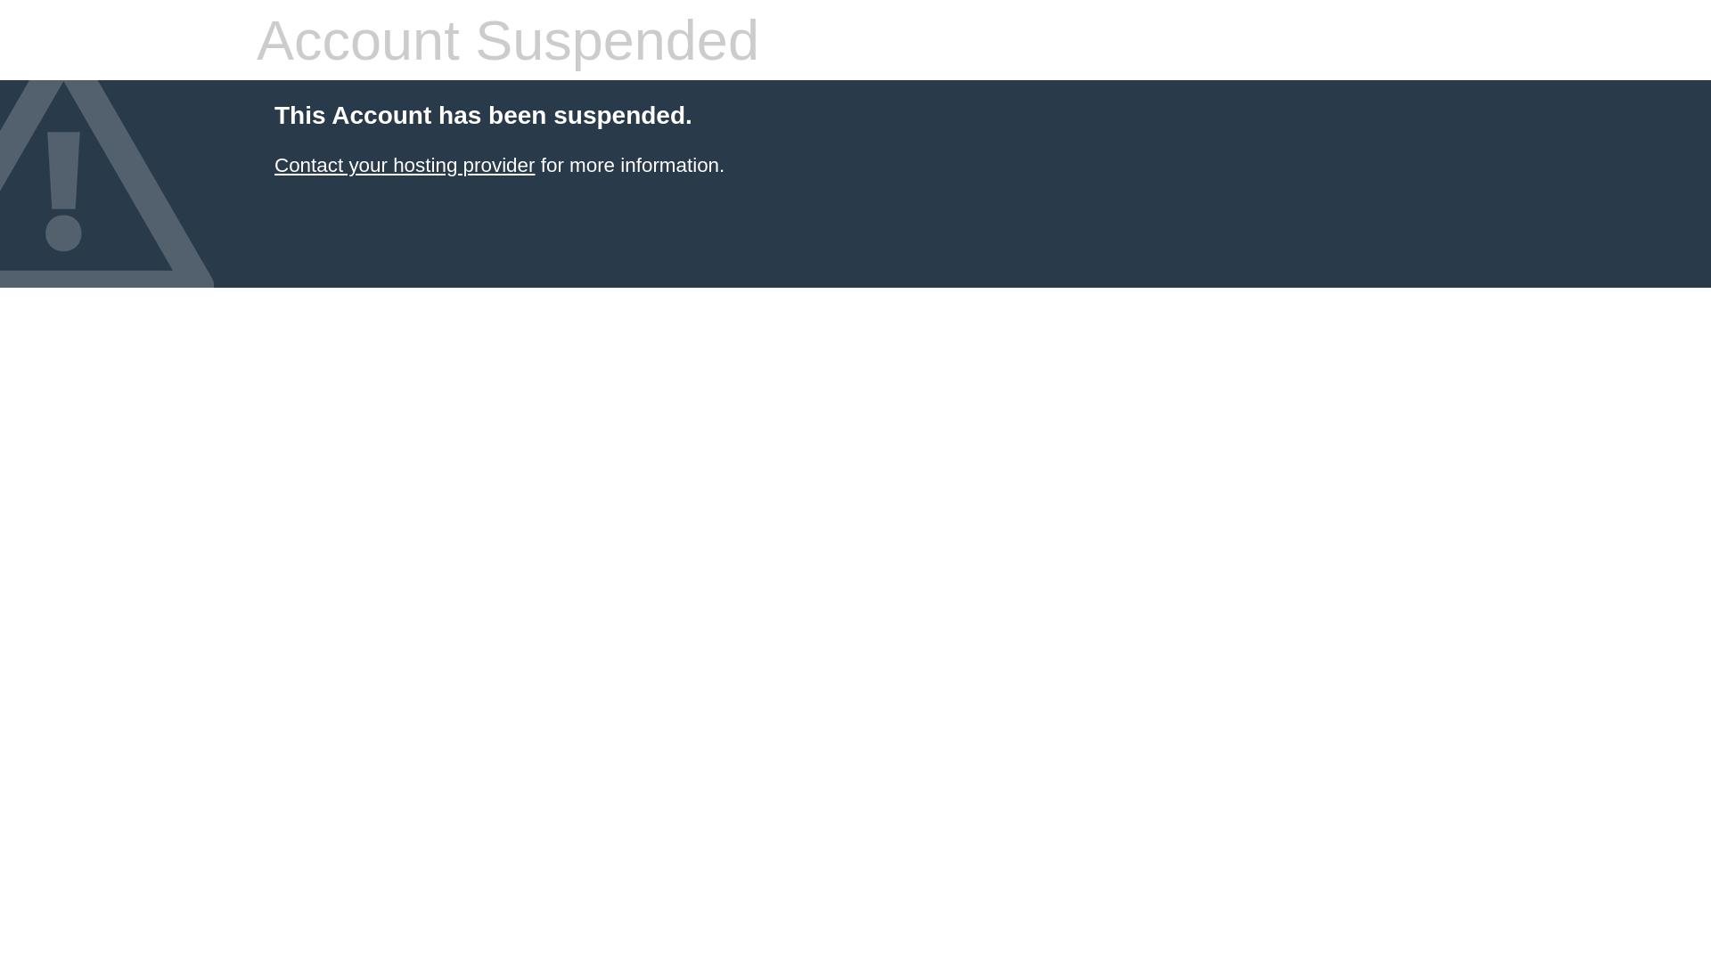 The image size is (1711, 962). Describe the element at coordinates (404, 165) in the screenshot. I see `'Contact your hosting provider'` at that location.